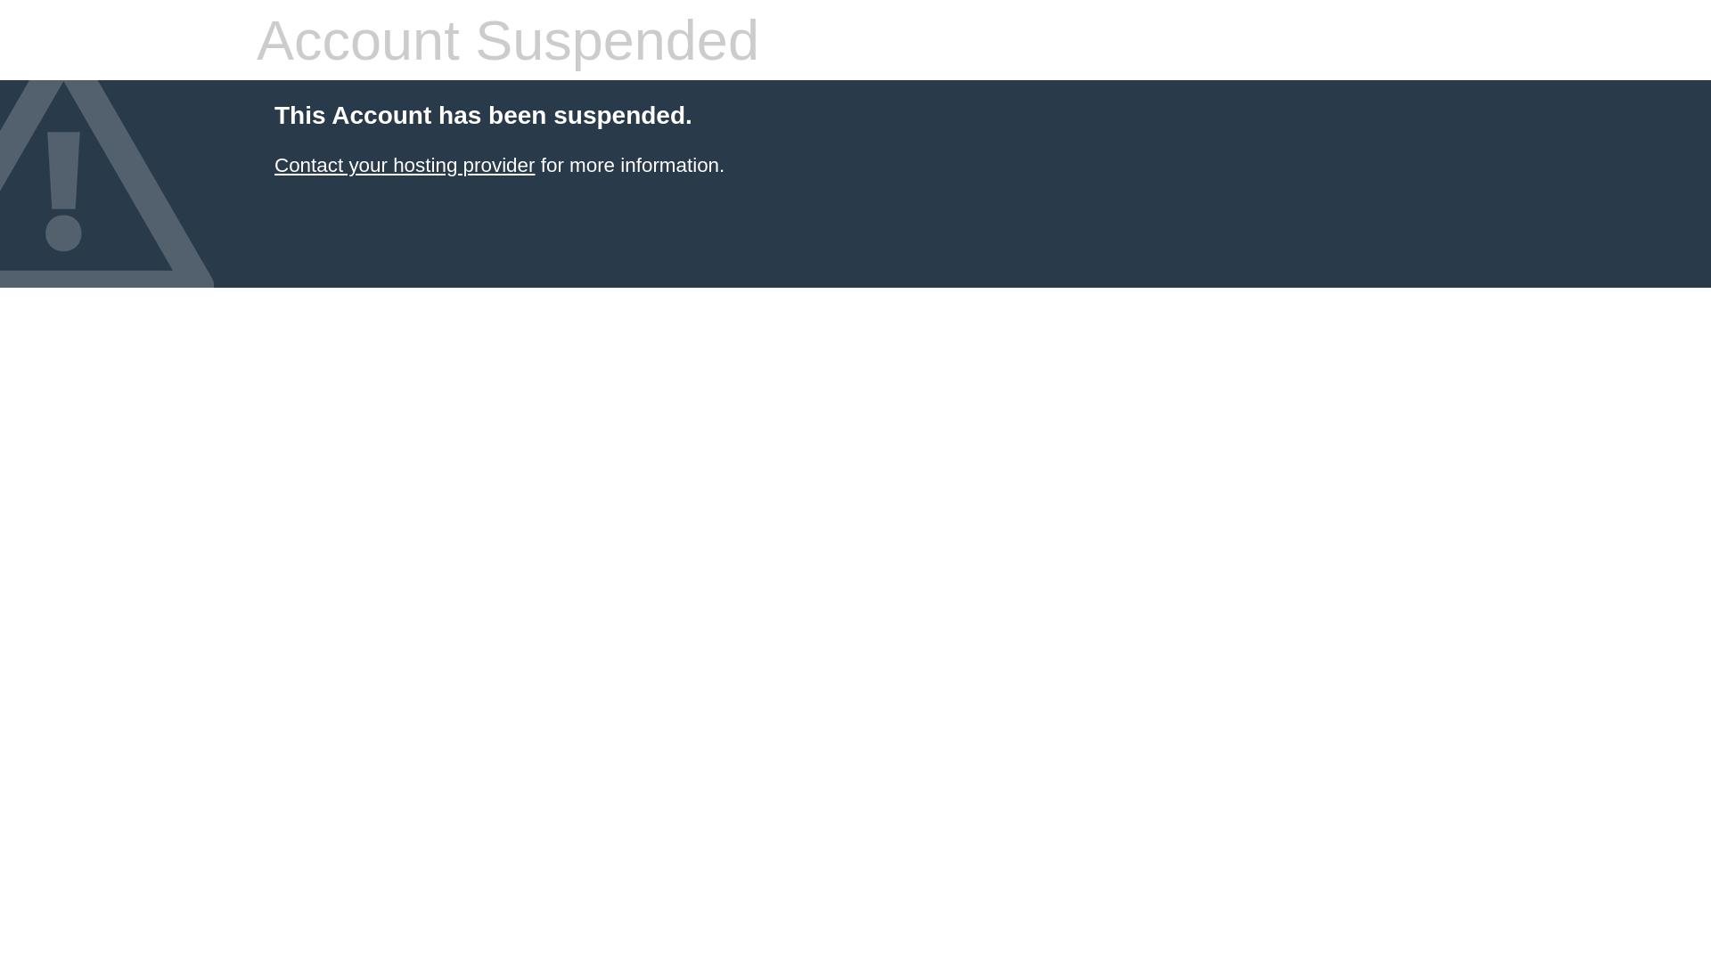 The image size is (1711, 962). Describe the element at coordinates (404, 165) in the screenshot. I see `'Contact your hosting provider'` at that location.